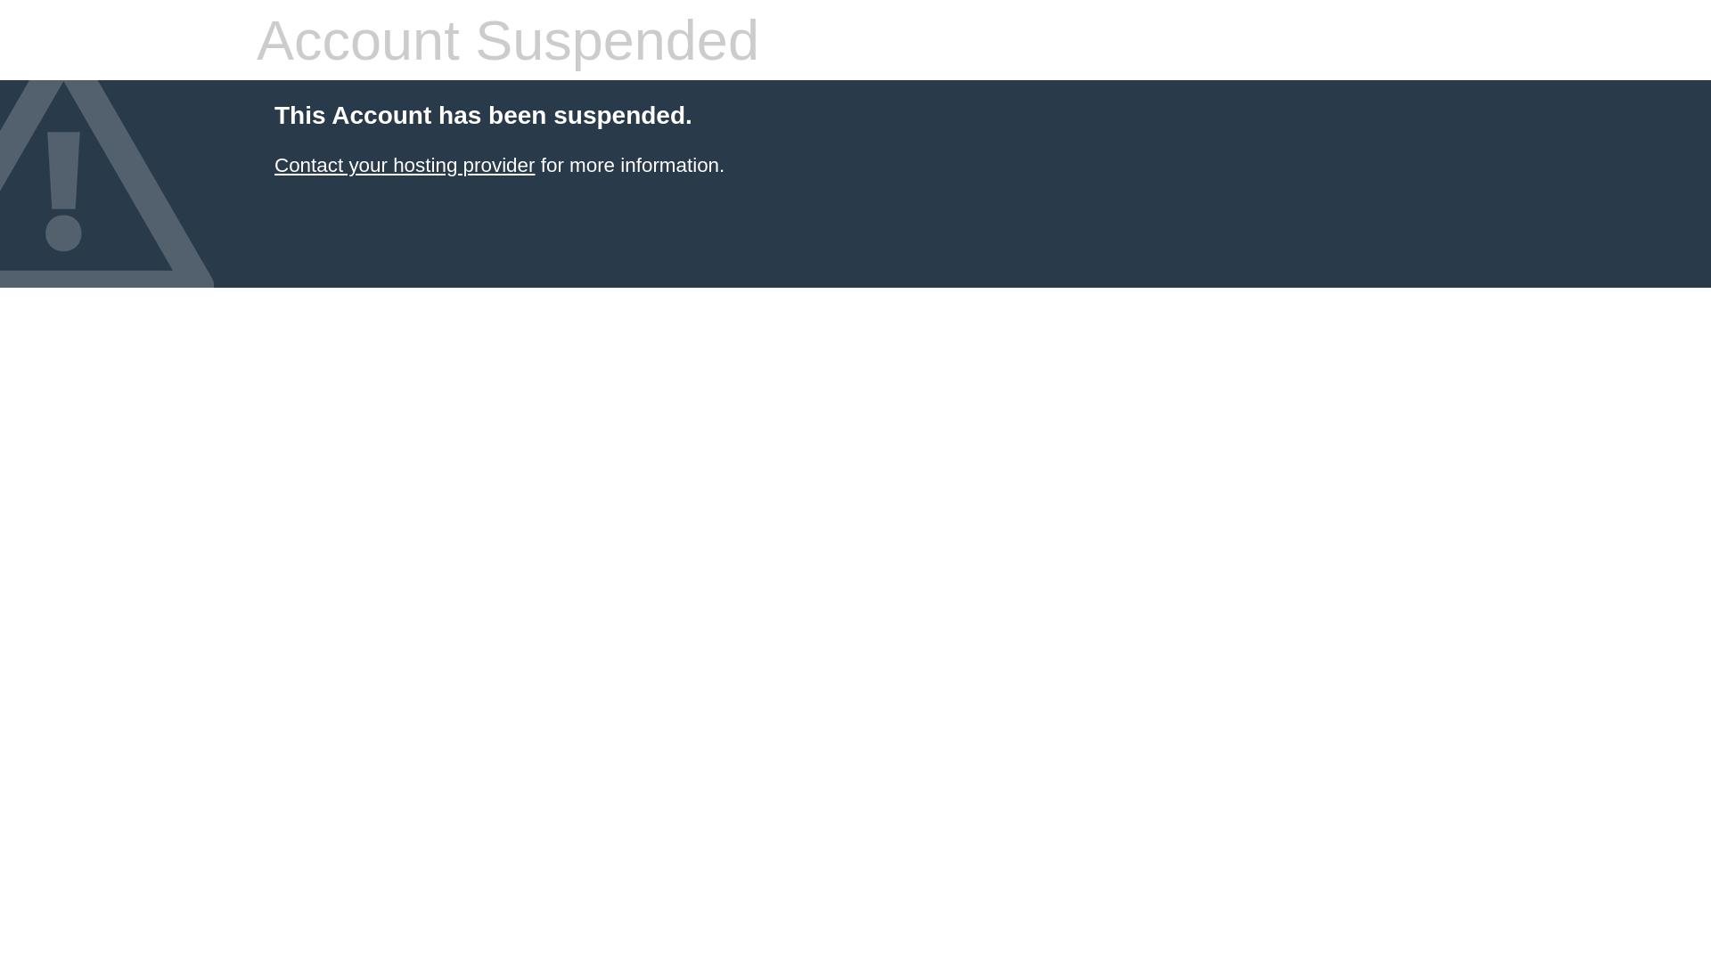 The image size is (1711, 962). Describe the element at coordinates (404, 165) in the screenshot. I see `'Contact your hosting provider'` at that location.